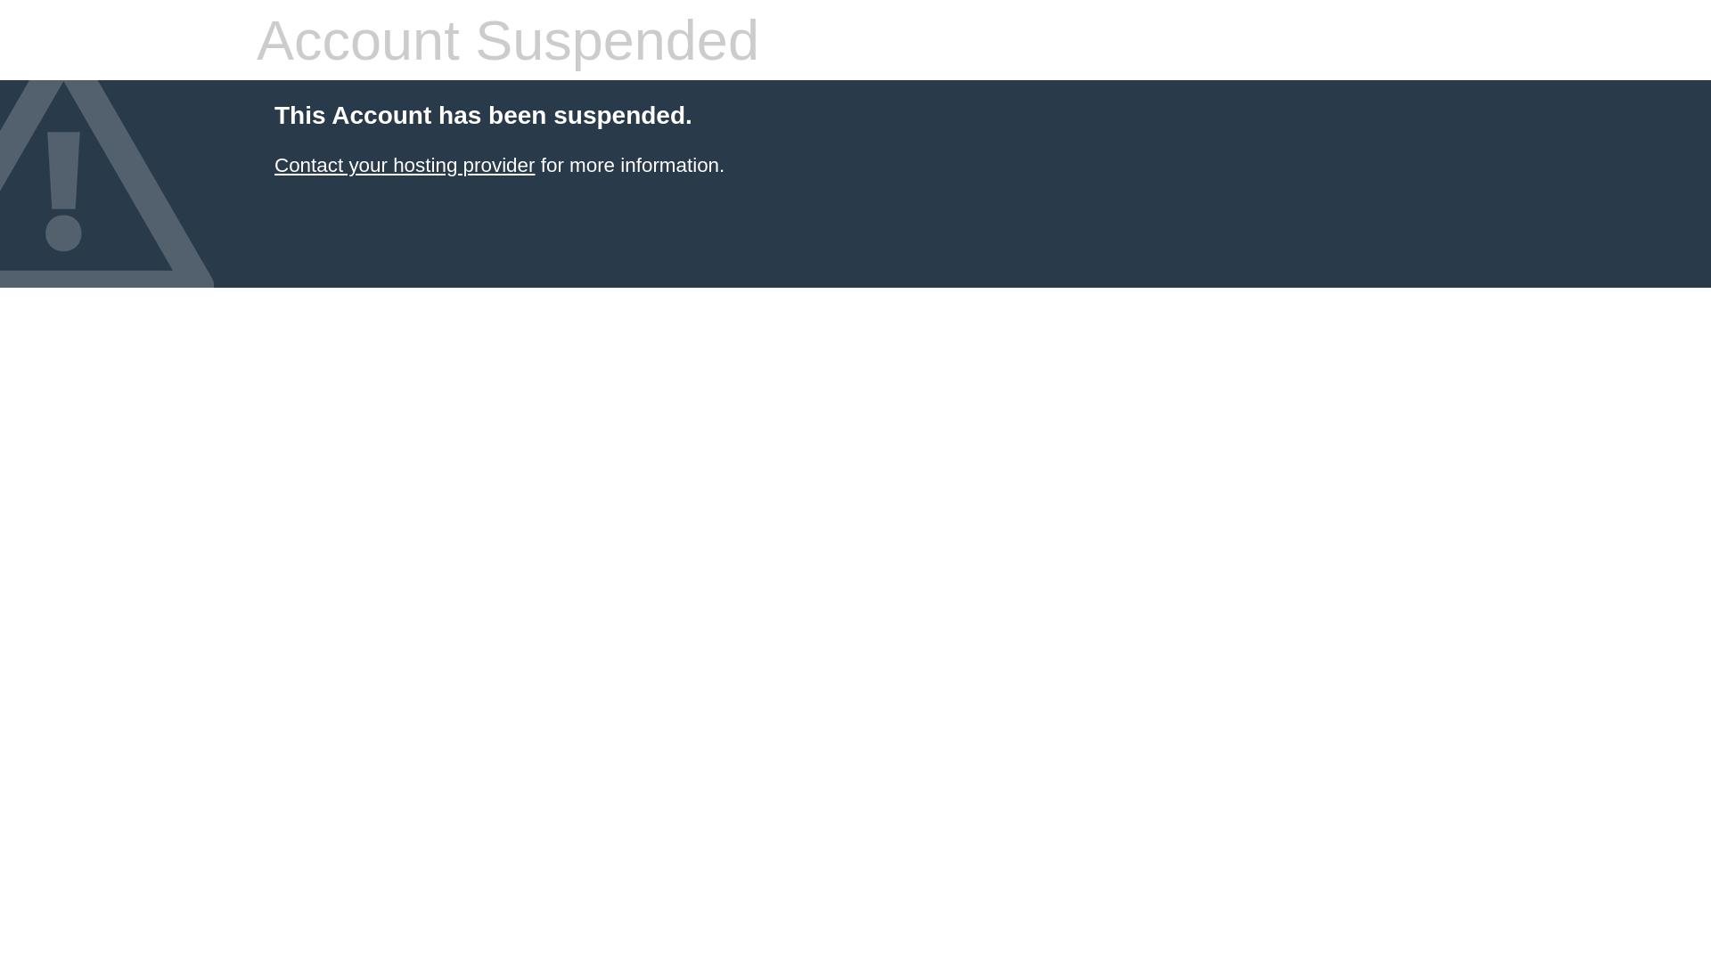 The image size is (1711, 962). Describe the element at coordinates (404, 165) in the screenshot. I see `'Contact your hosting provider'` at that location.